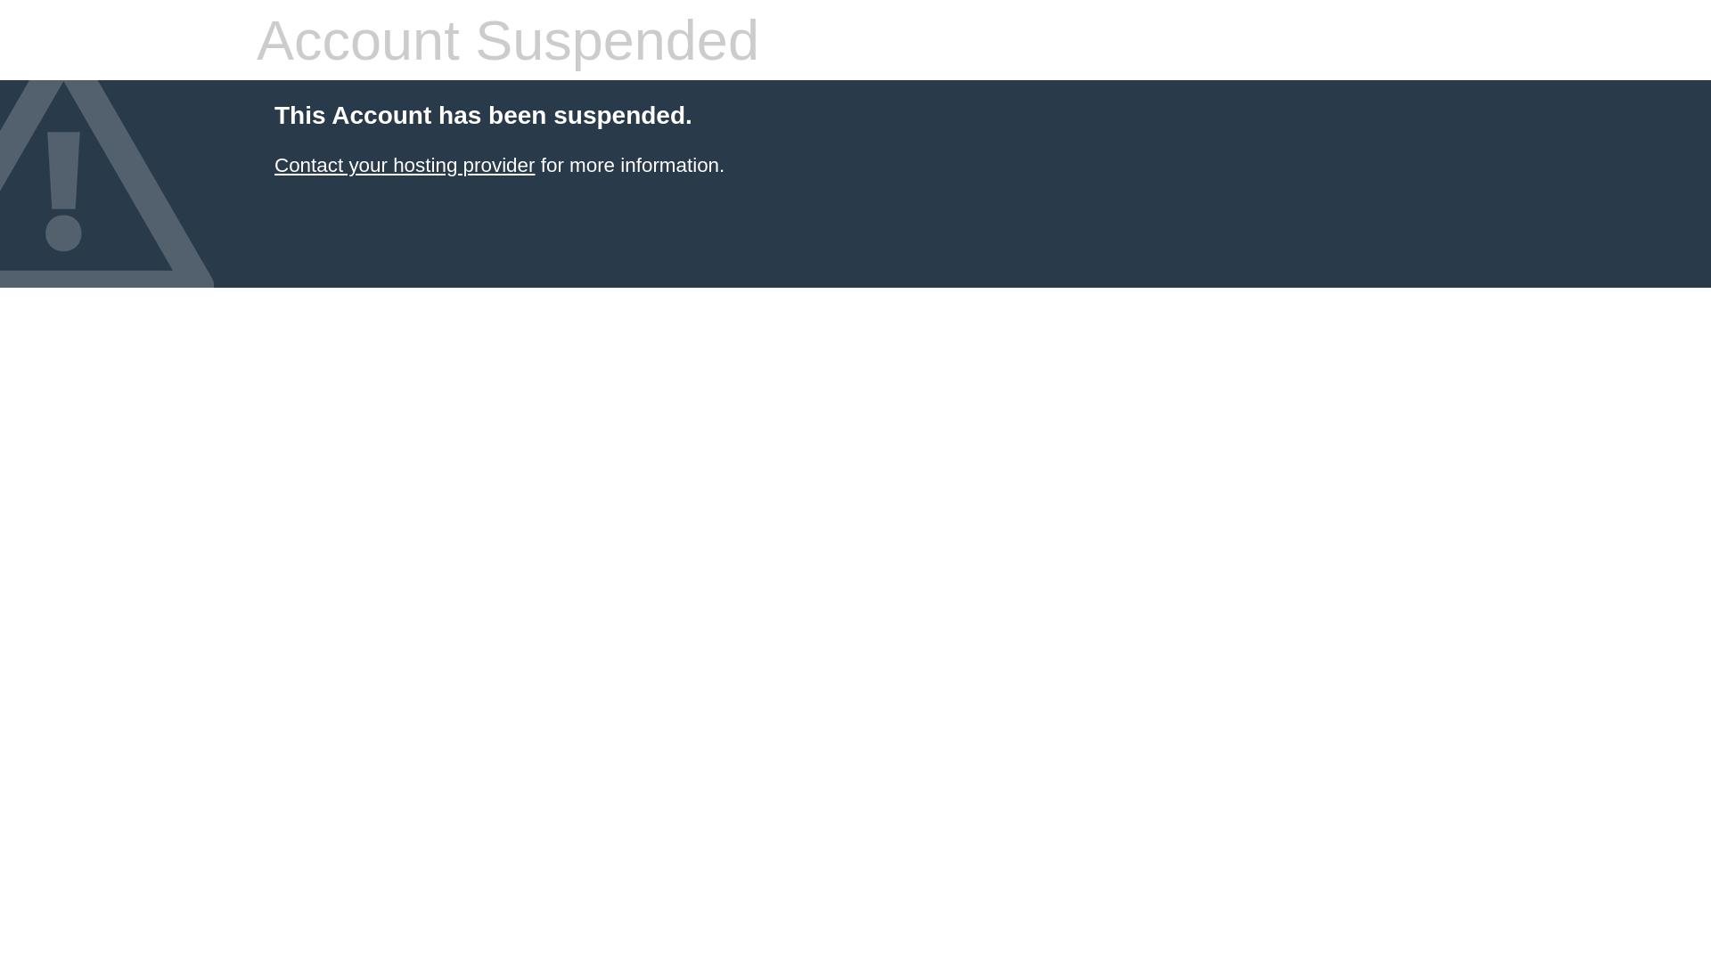 The image size is (1711, 962). Describe the element at coordinates (404, 165) in the screenshot. I see `'Contact your hosting provider'` at that location.